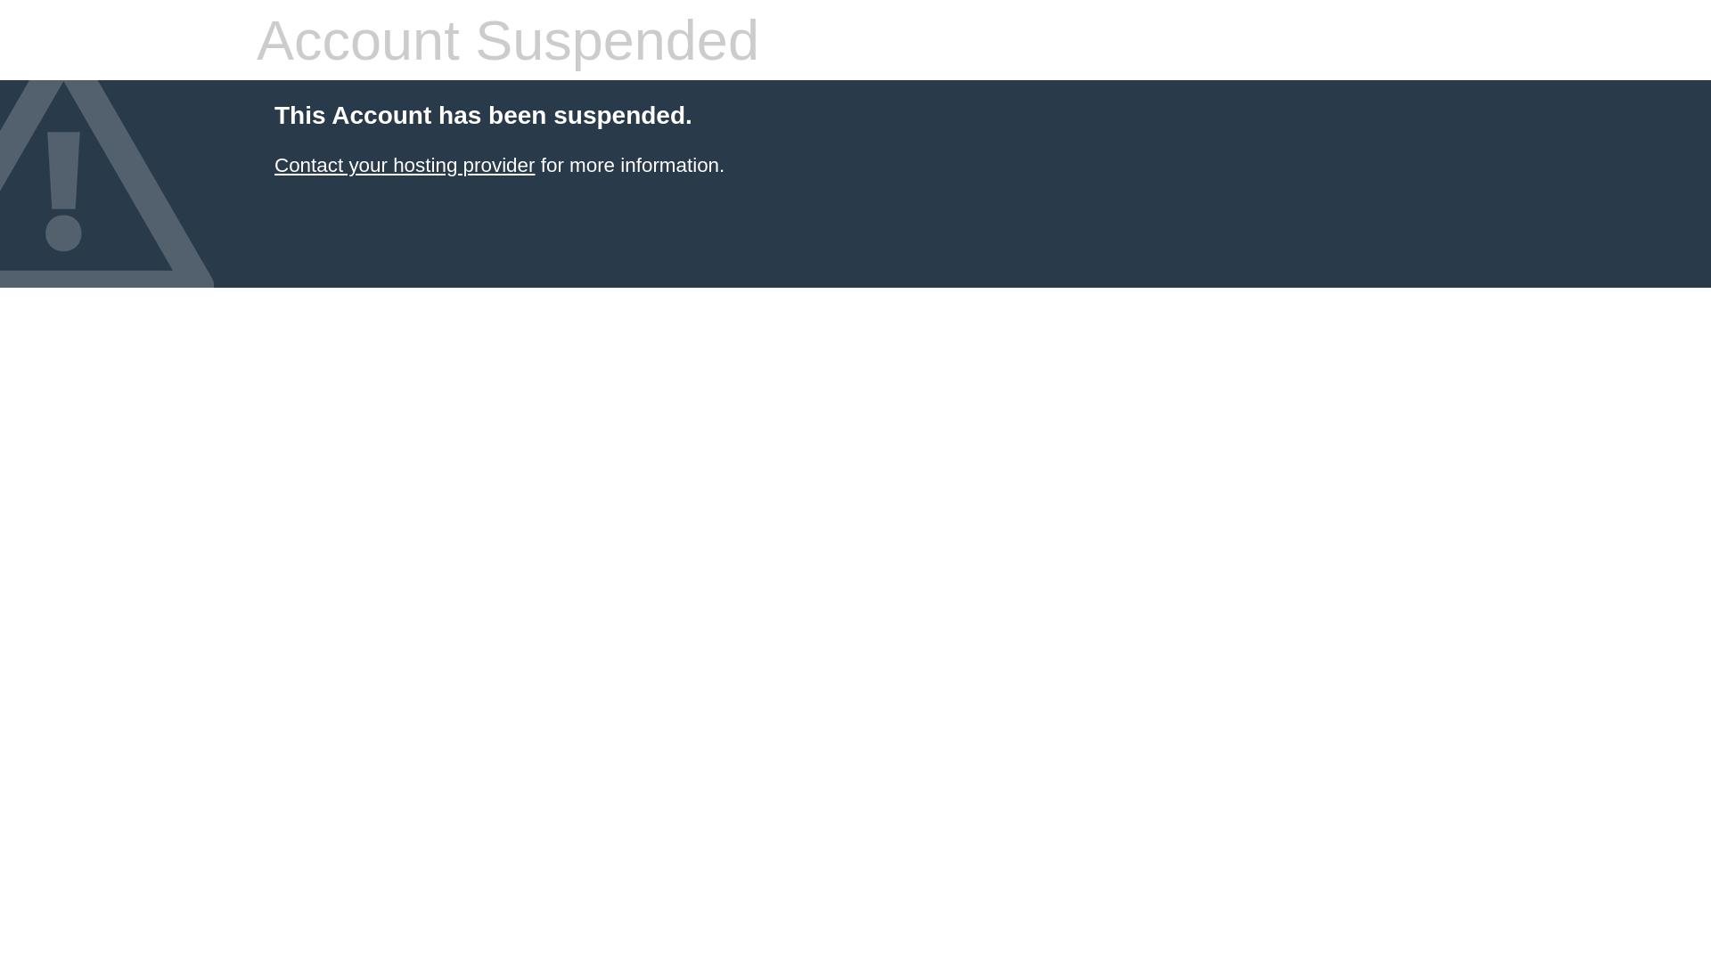 The image size is (1711, 962). Describe the element at coordinates (404, 165) in the screenshot. I see `'Contact your hosting provider'` at that location.